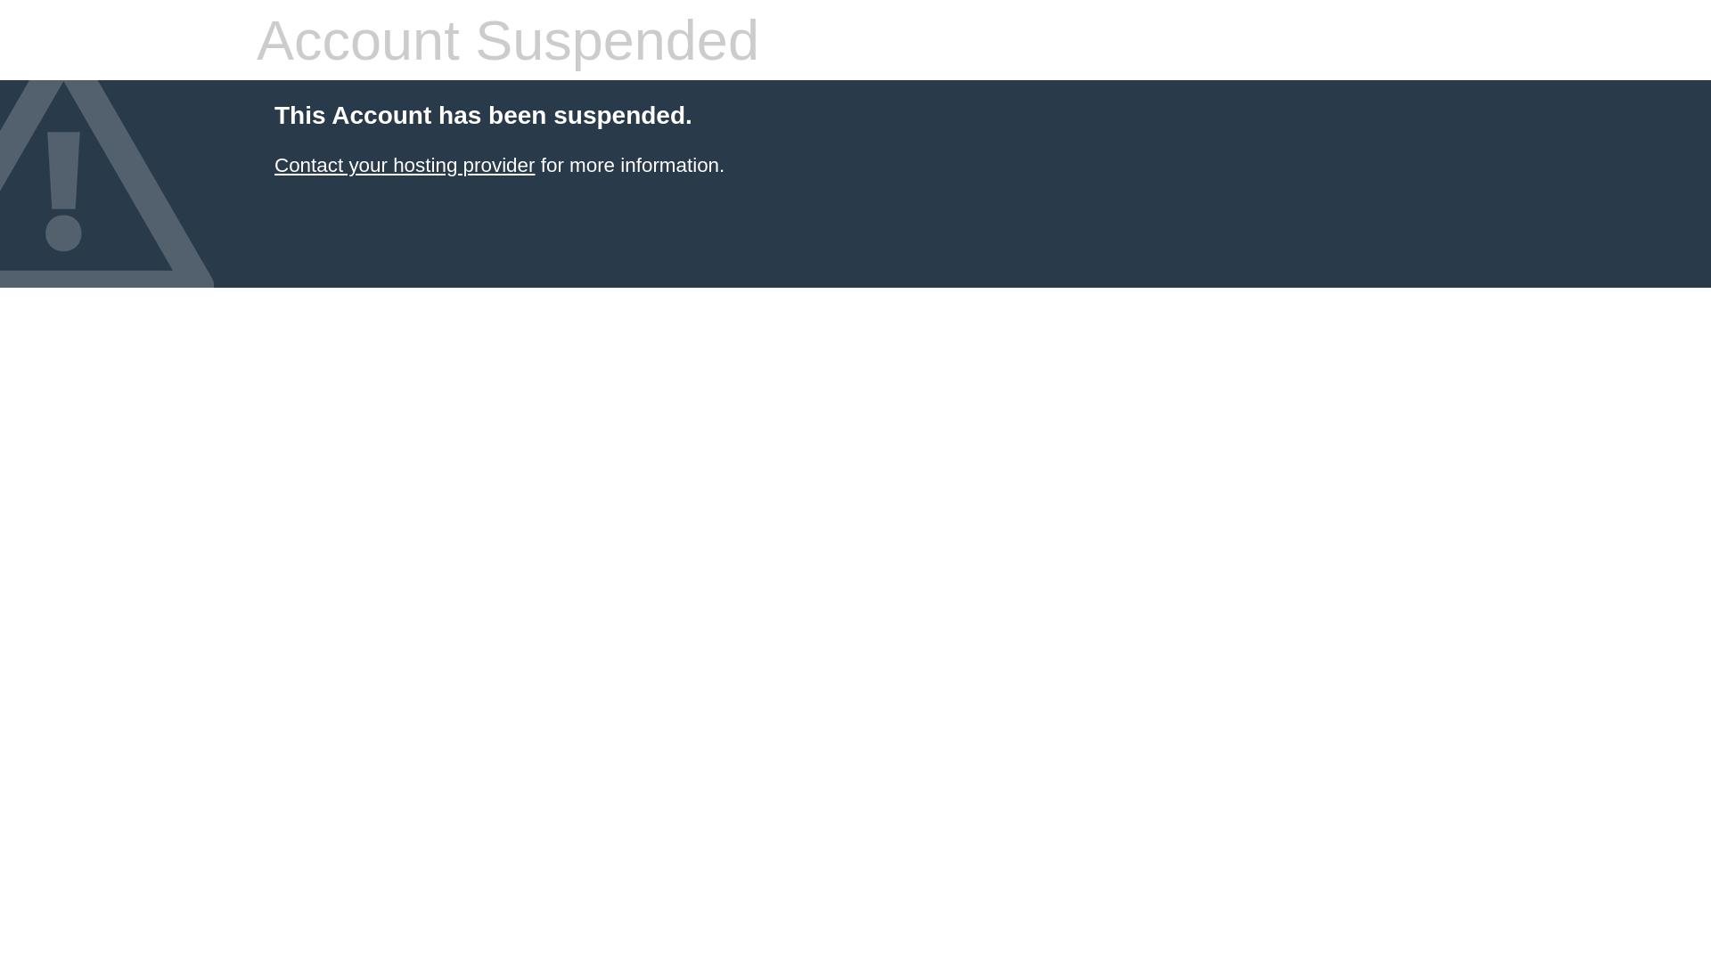 The image size is (1711, 962). Describe the element at coordinates (404, 165) in the screenshot. I see `'Contact your hosting provider'` at that location.